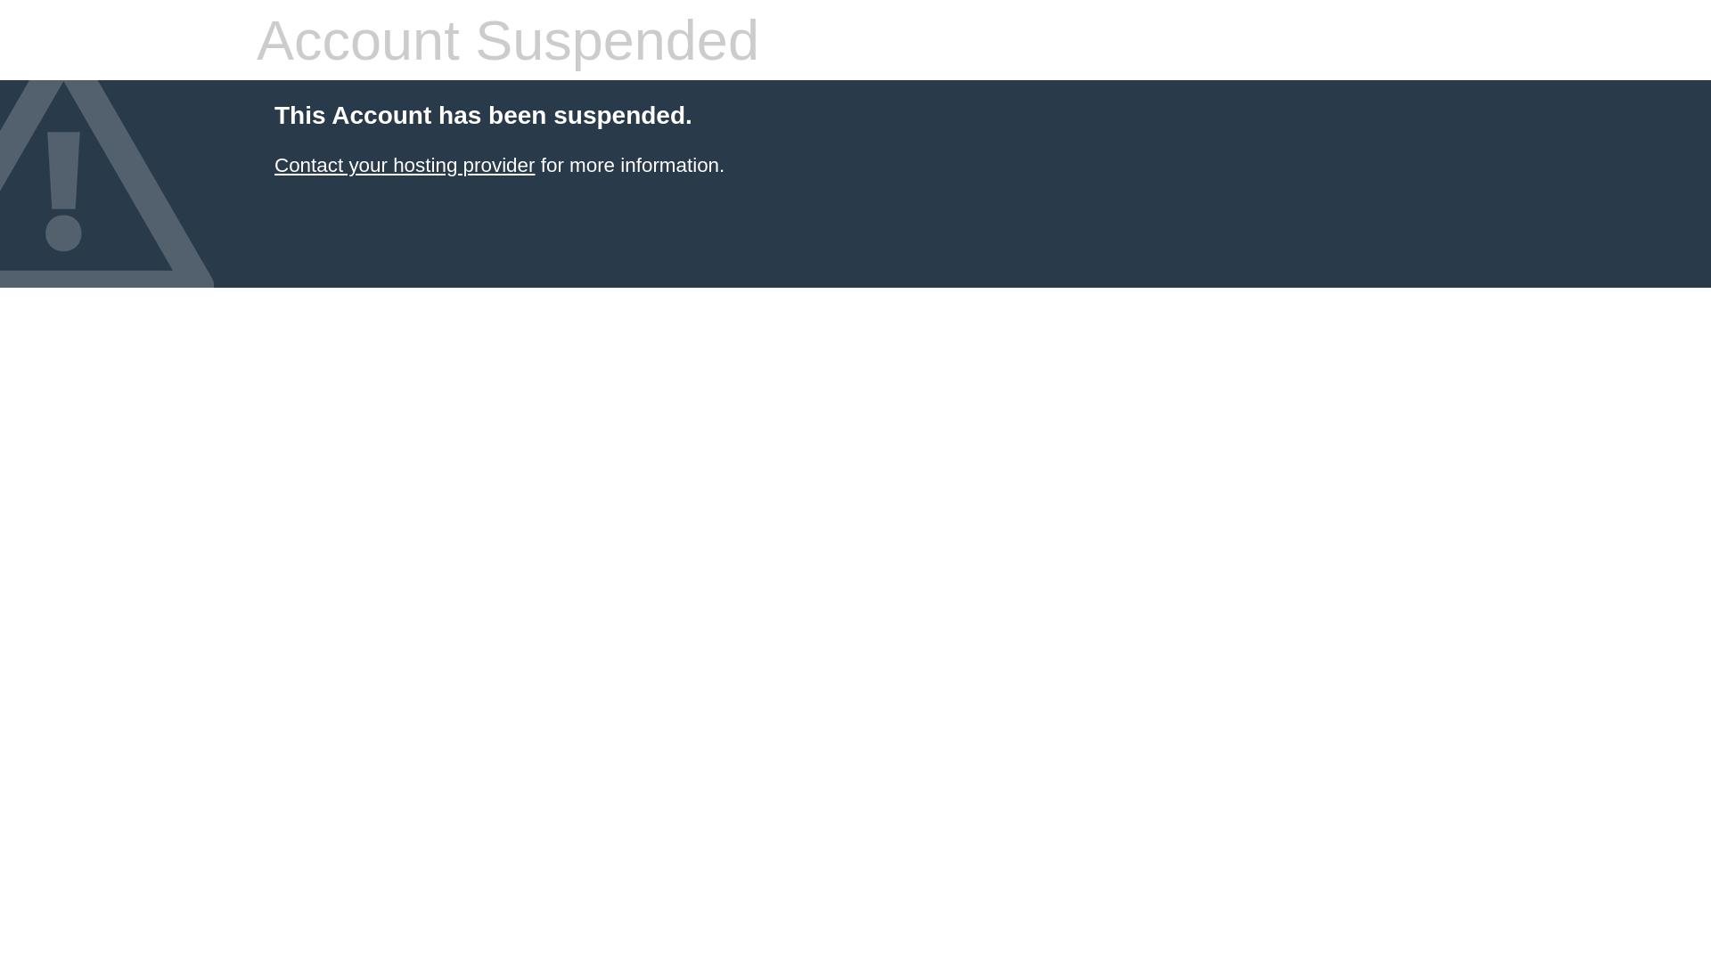 The image size is (1711, 962). Describe the element at coordinates (404, 165) in the screenshot. I see `'Contact your hosting provider'` at that location.